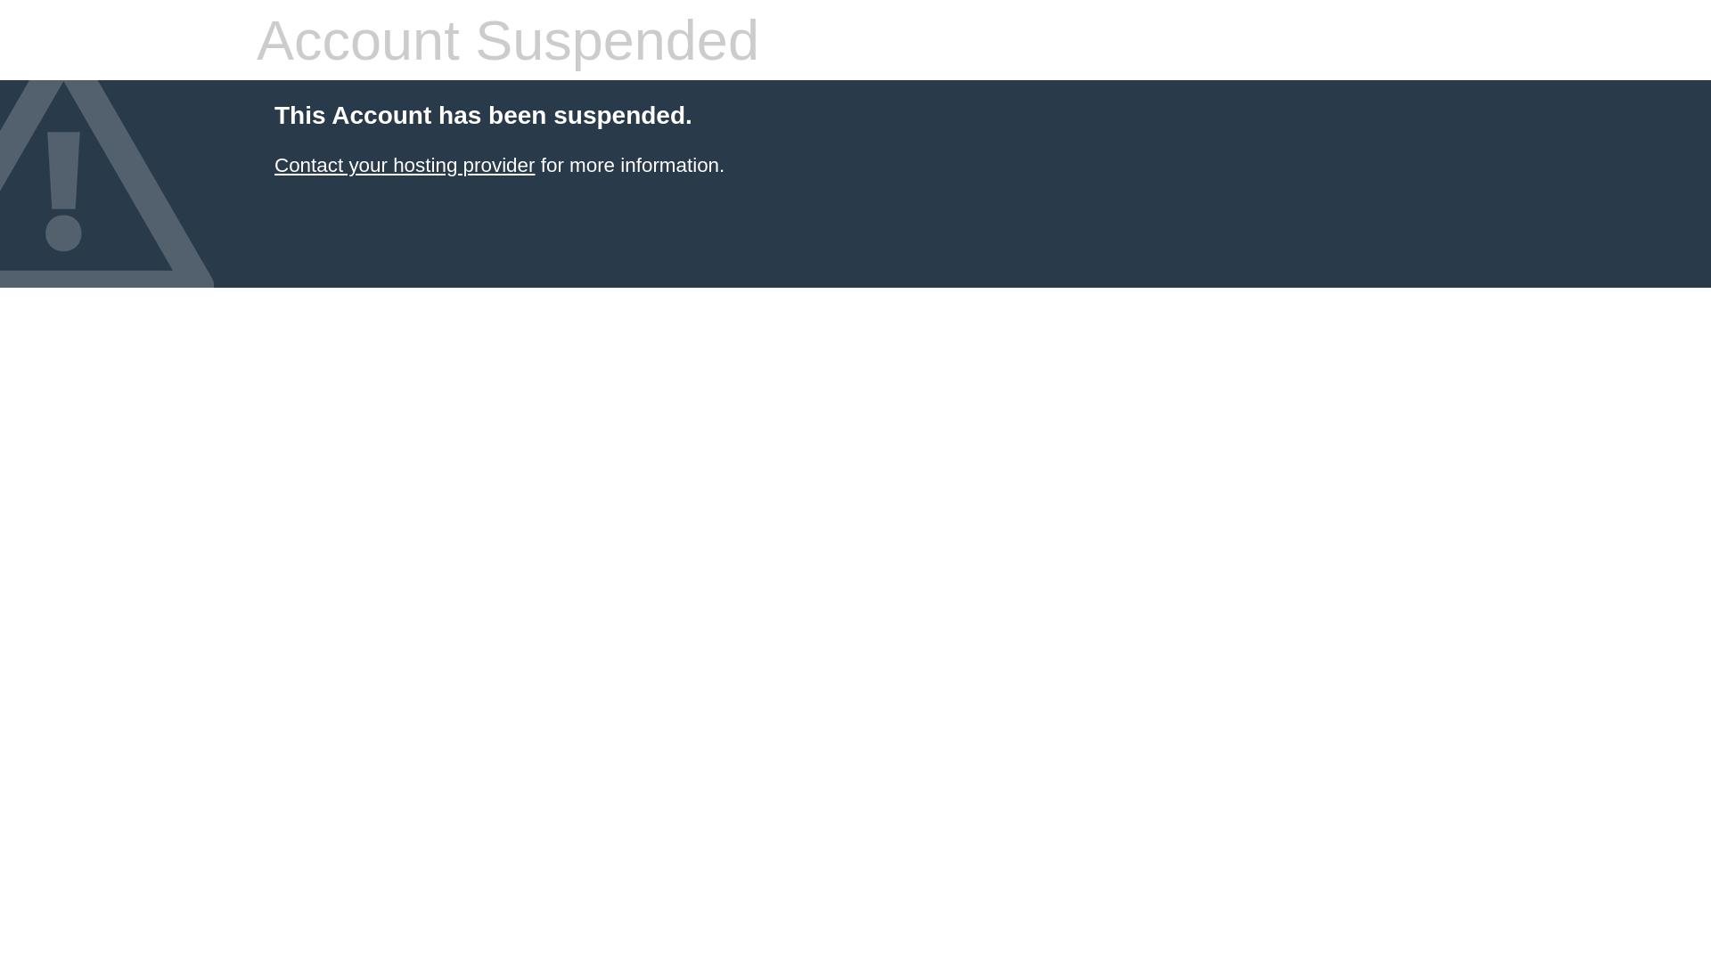 The image size is (1711, 962). Describe the element at coordinates (404, 165) in the screenshot. I see `'Contact your hosting provider'` at that location.